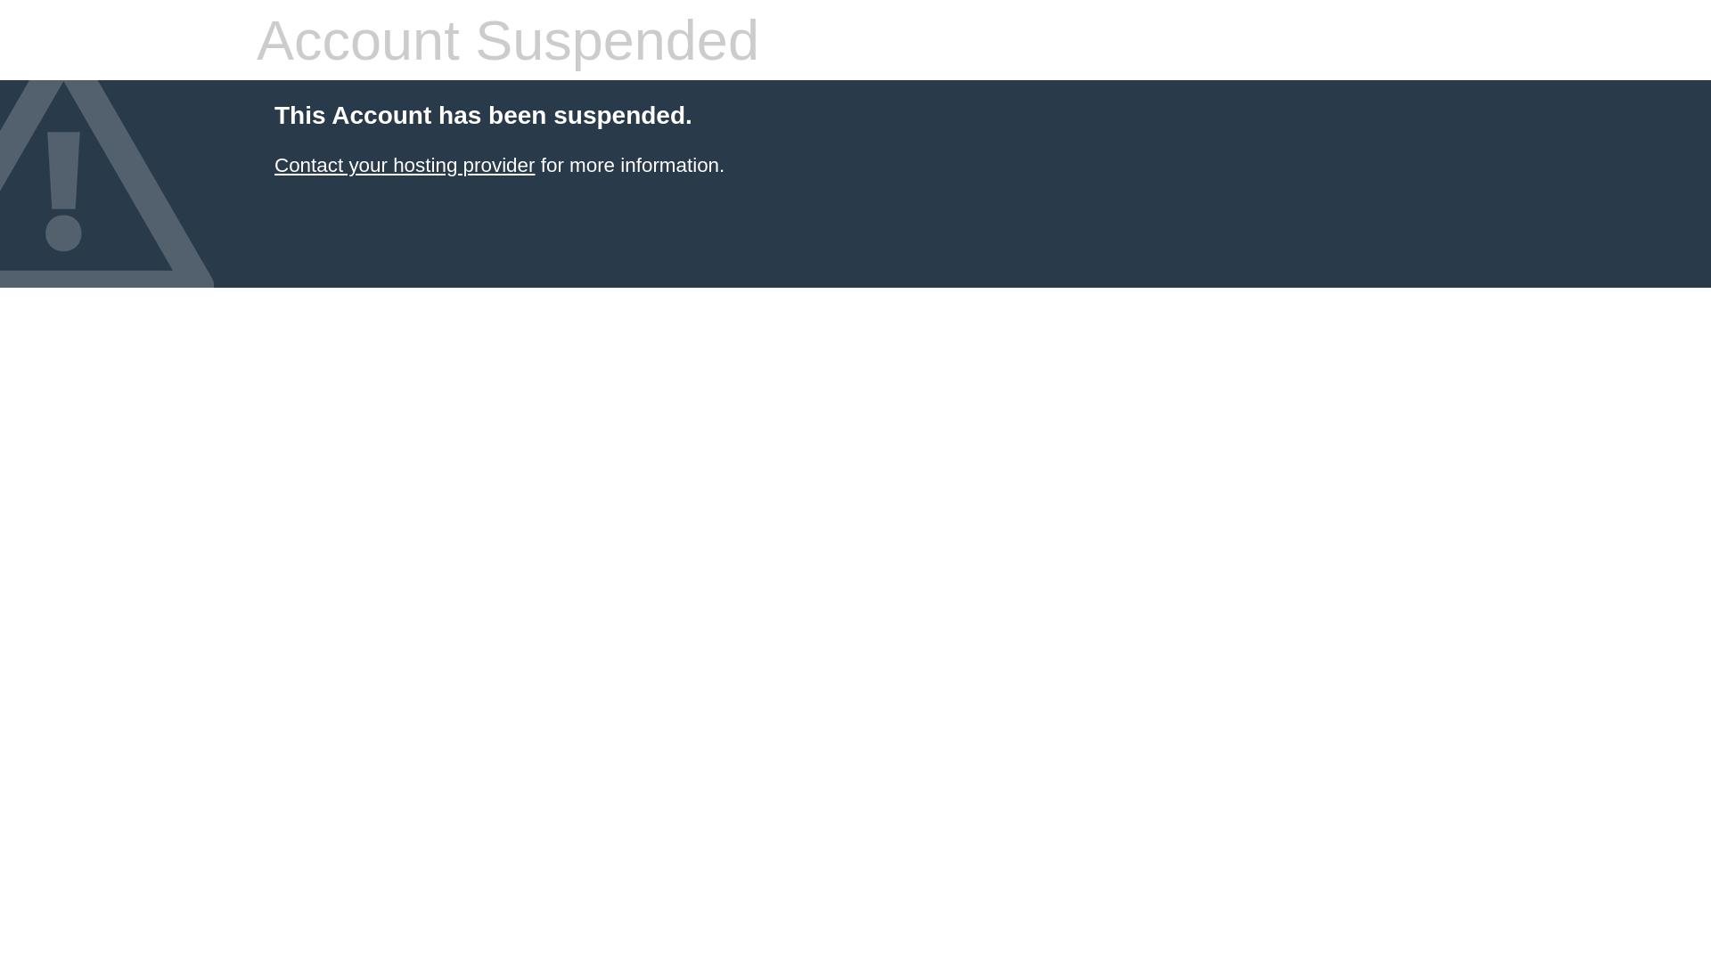 The image size is (1711, 962). Describe the element at coordinates (404, 165) in the screenshot. I see `'Contact your hosting provider'` at that location.